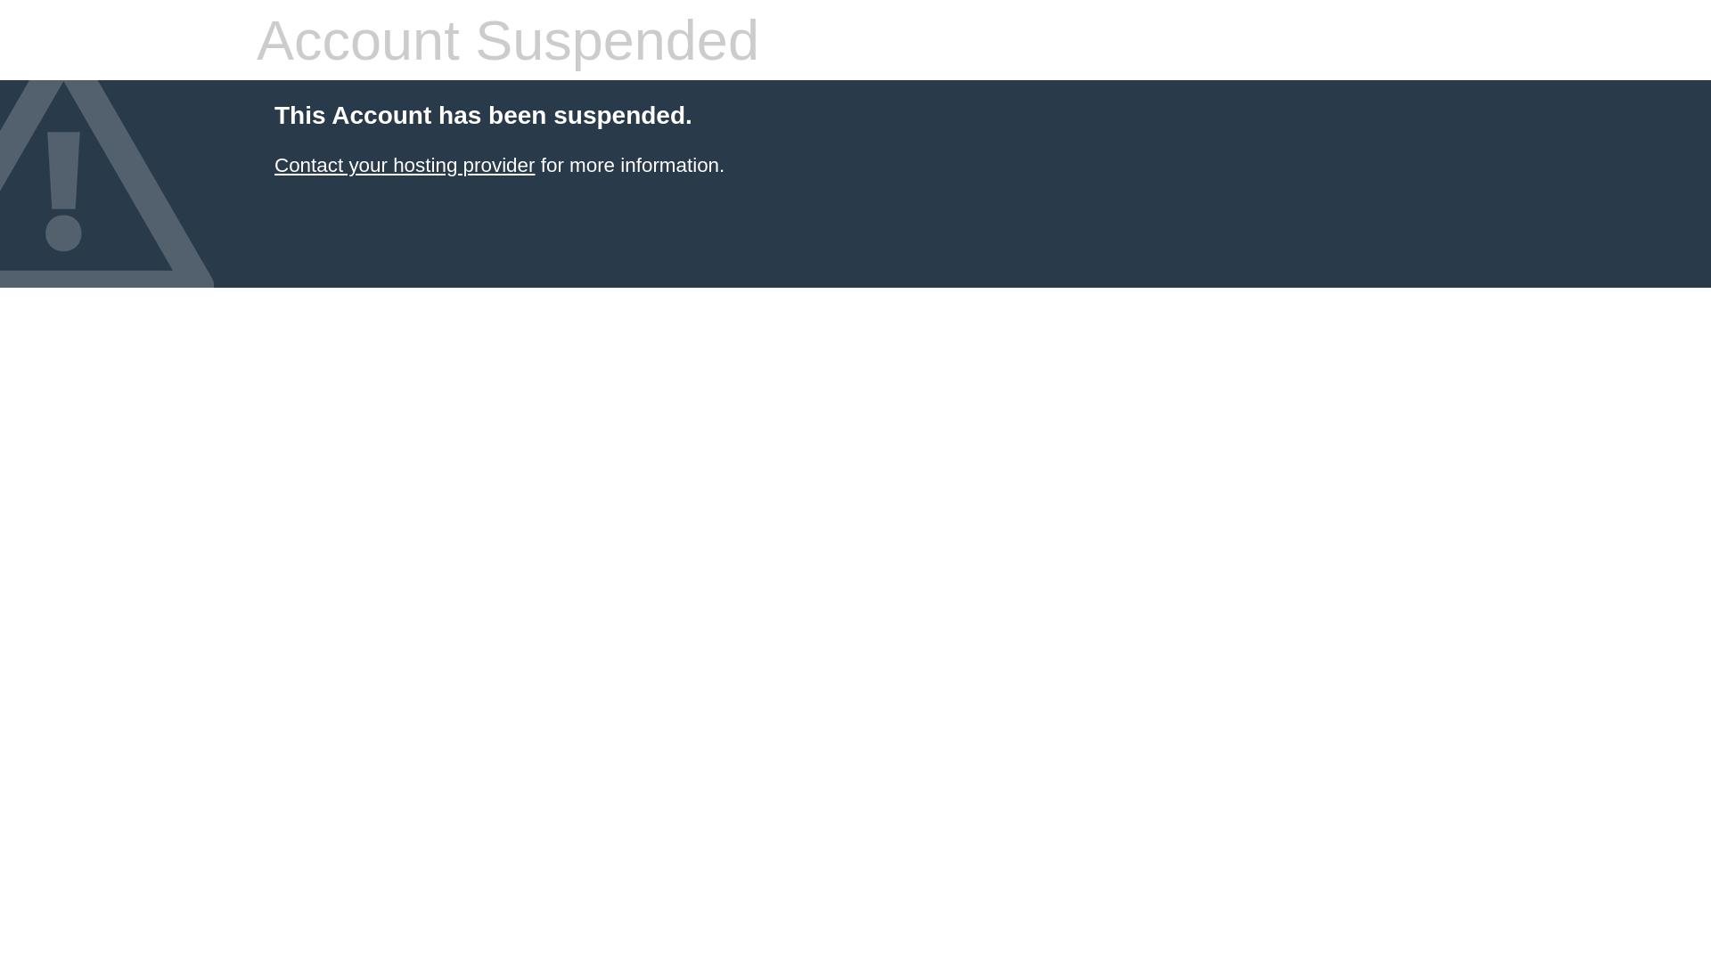 The image size is (1711, 962). Describe the element at coordinates (404, 165) in the screenshot. I see `'Contact your hosting provider'` at that location.